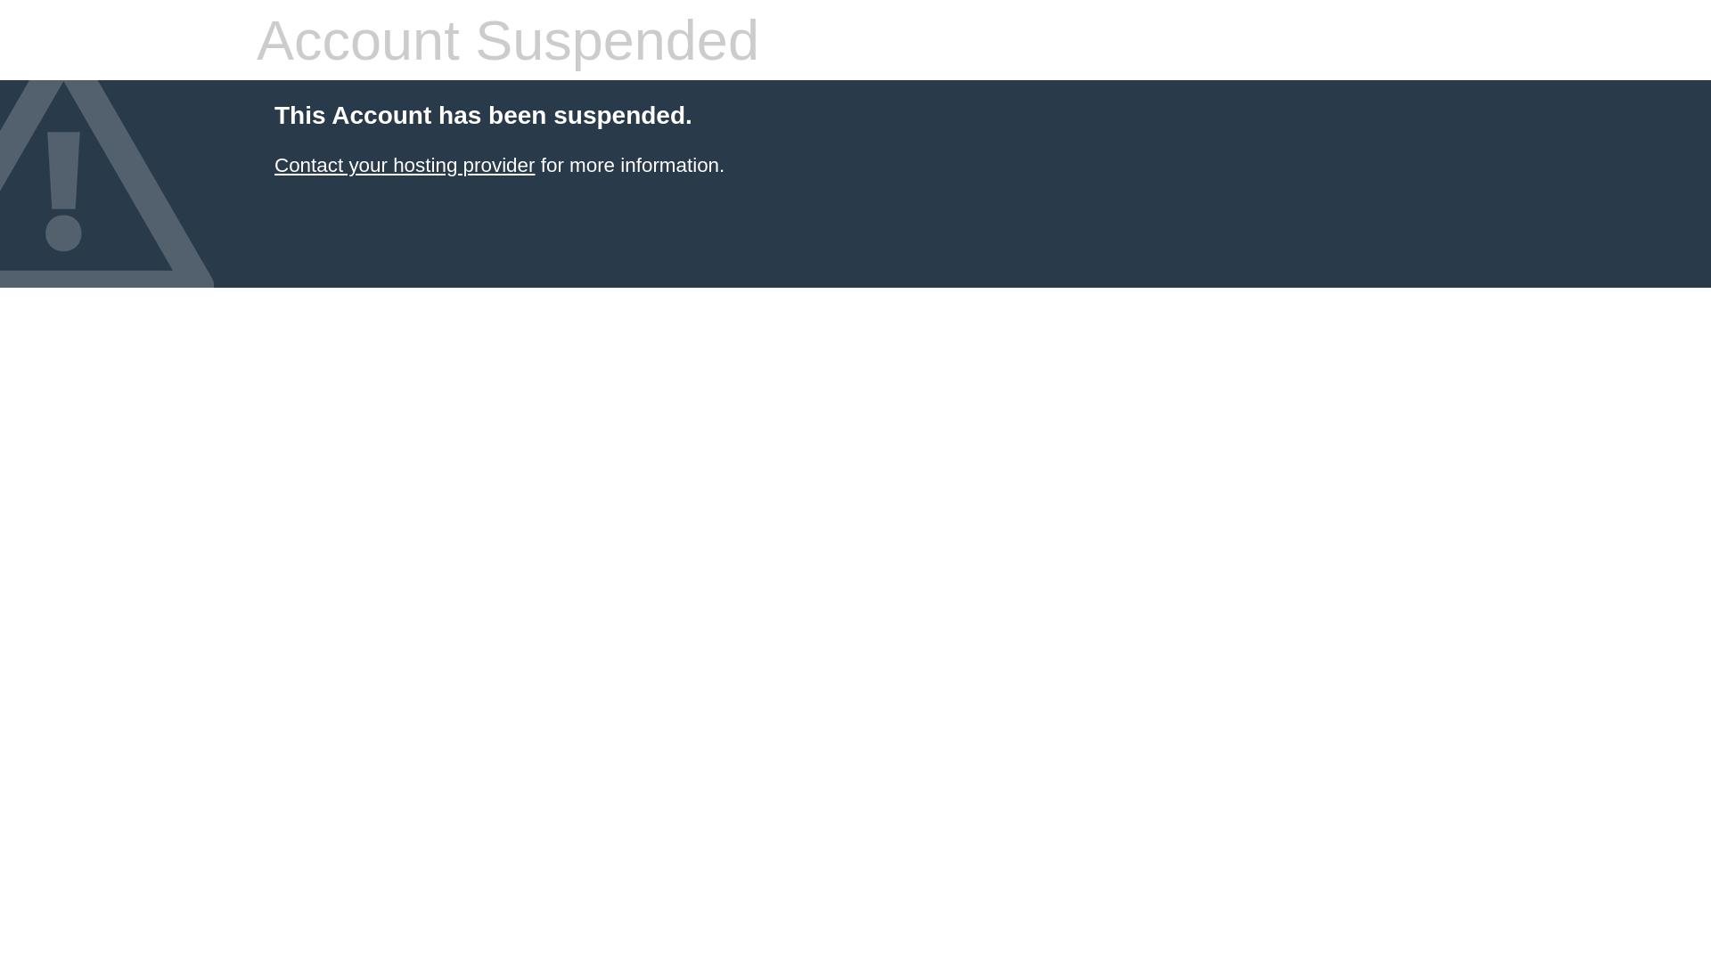 The image size is (1711, 962). Describe the element at coordinates (404, 165) in the screenshot. I see `'Contact your hosting provider'` at that location.